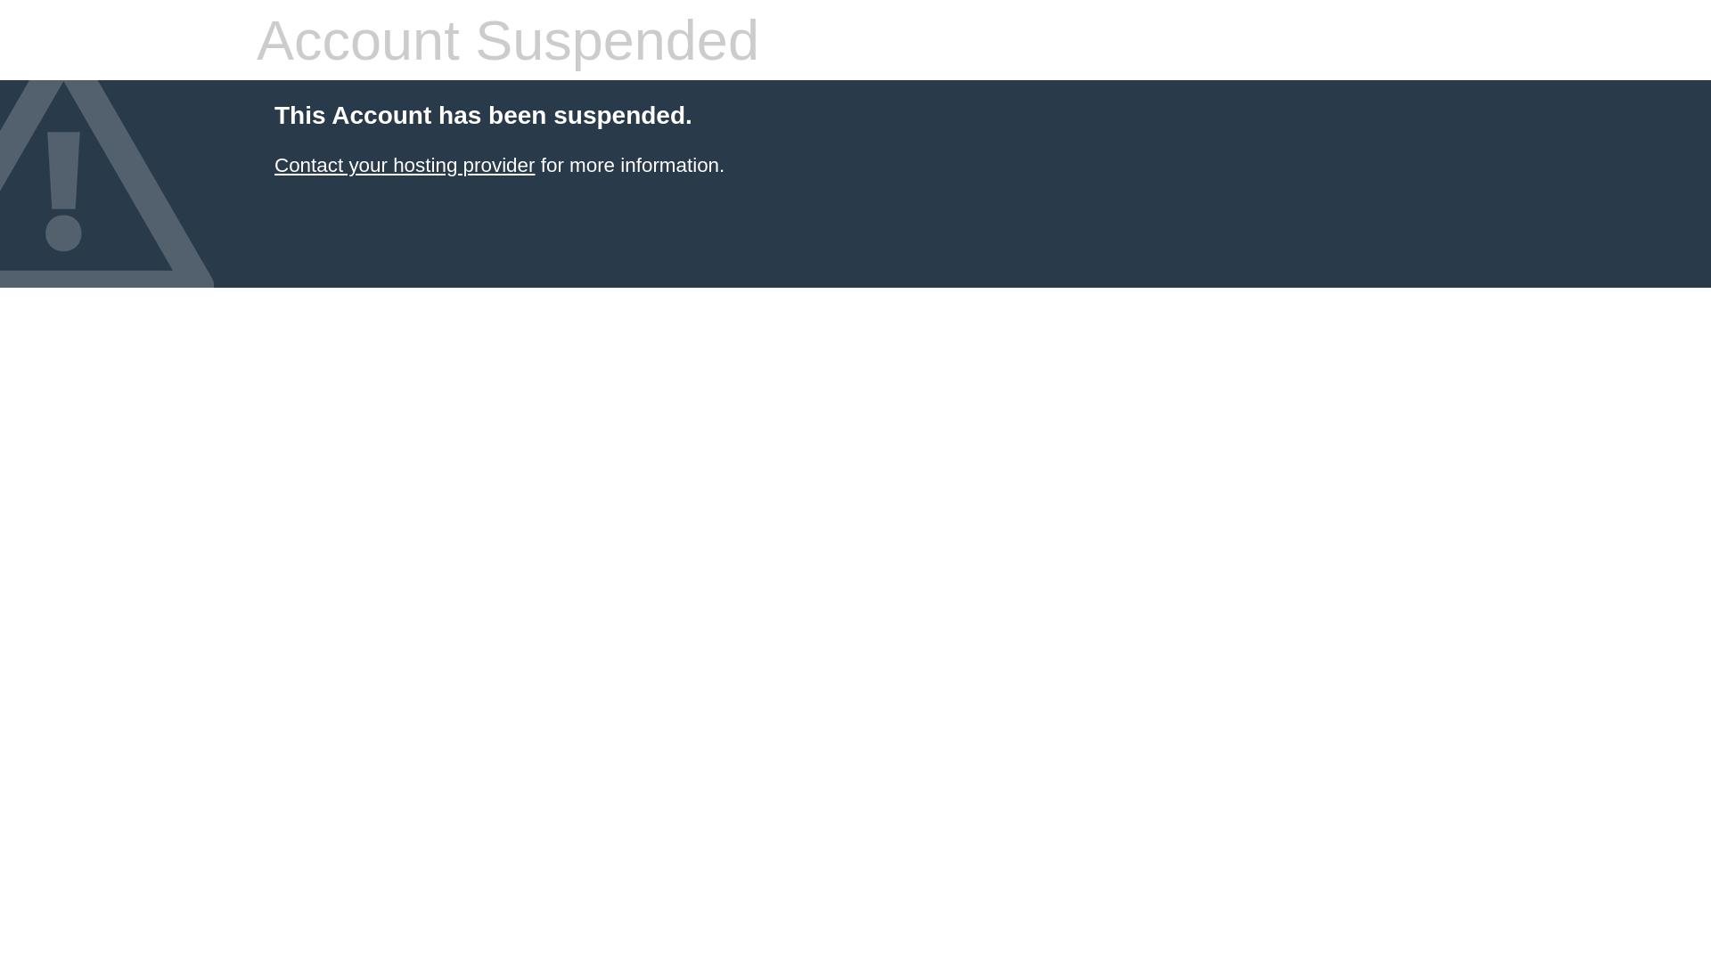 The image size is (1711, 962). Describe the element at coordinates (404, 165) in the screenshot. I see `'Contact your hosting provider'` at that location.